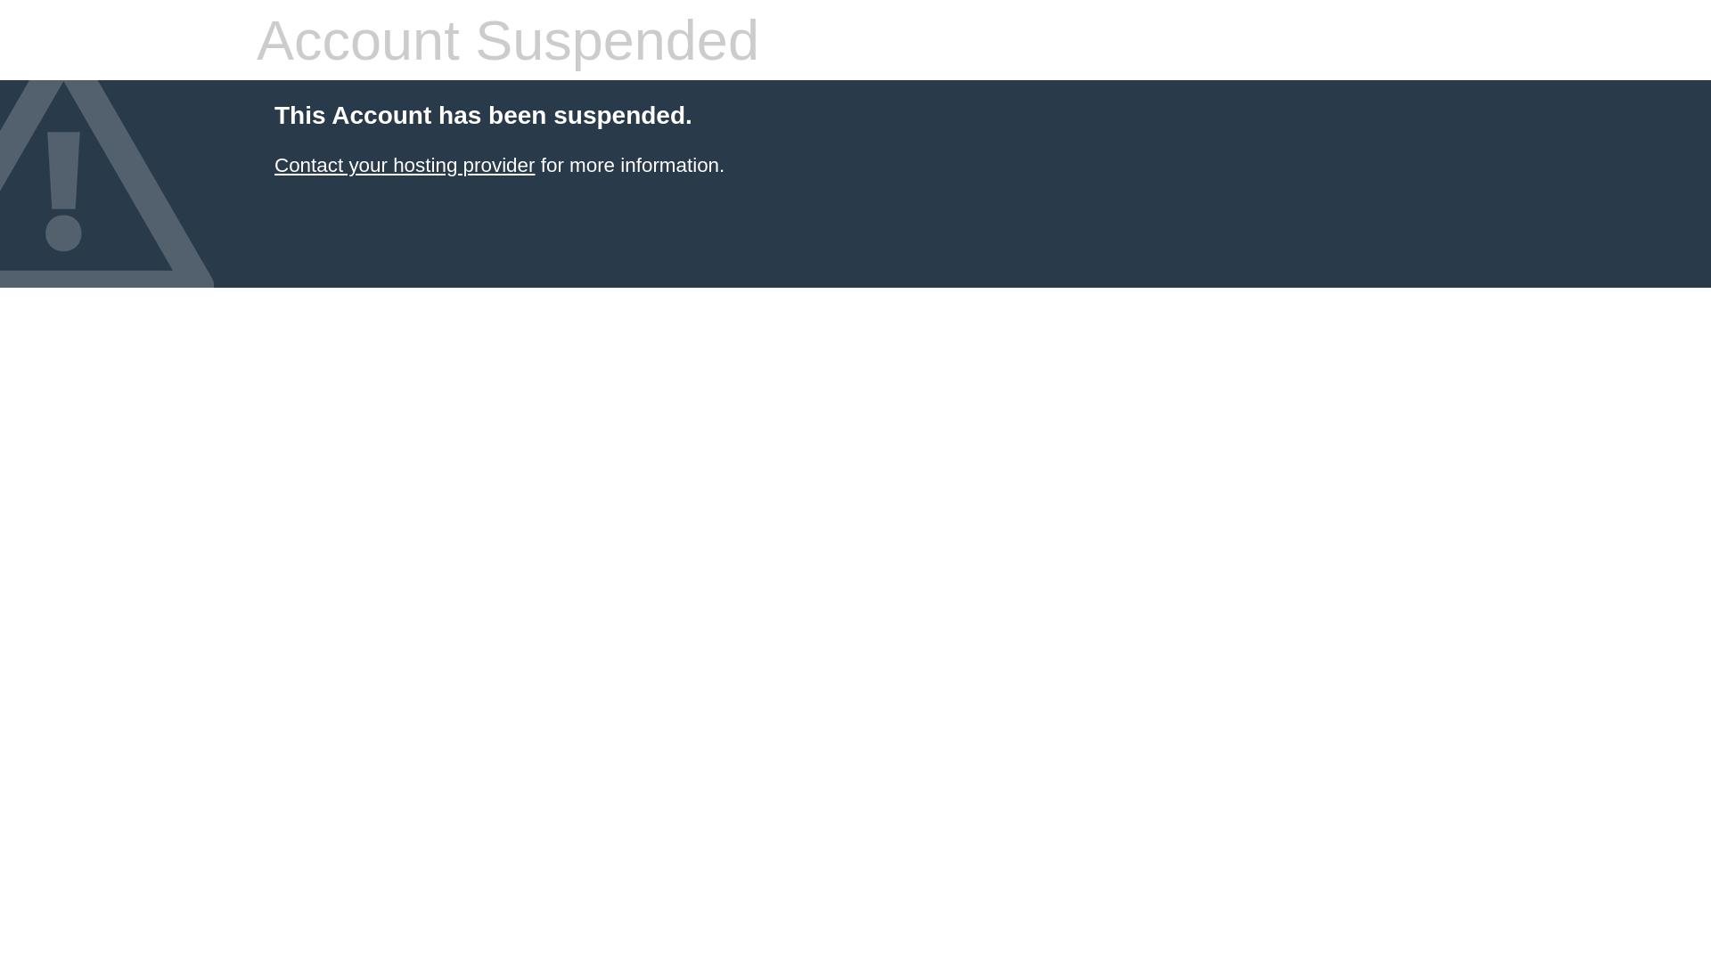 The image size is (1711, 962). Describe the element at coordinates (404, 165) in the screenshot. I see `'Contact your hosting provider'` at that location.